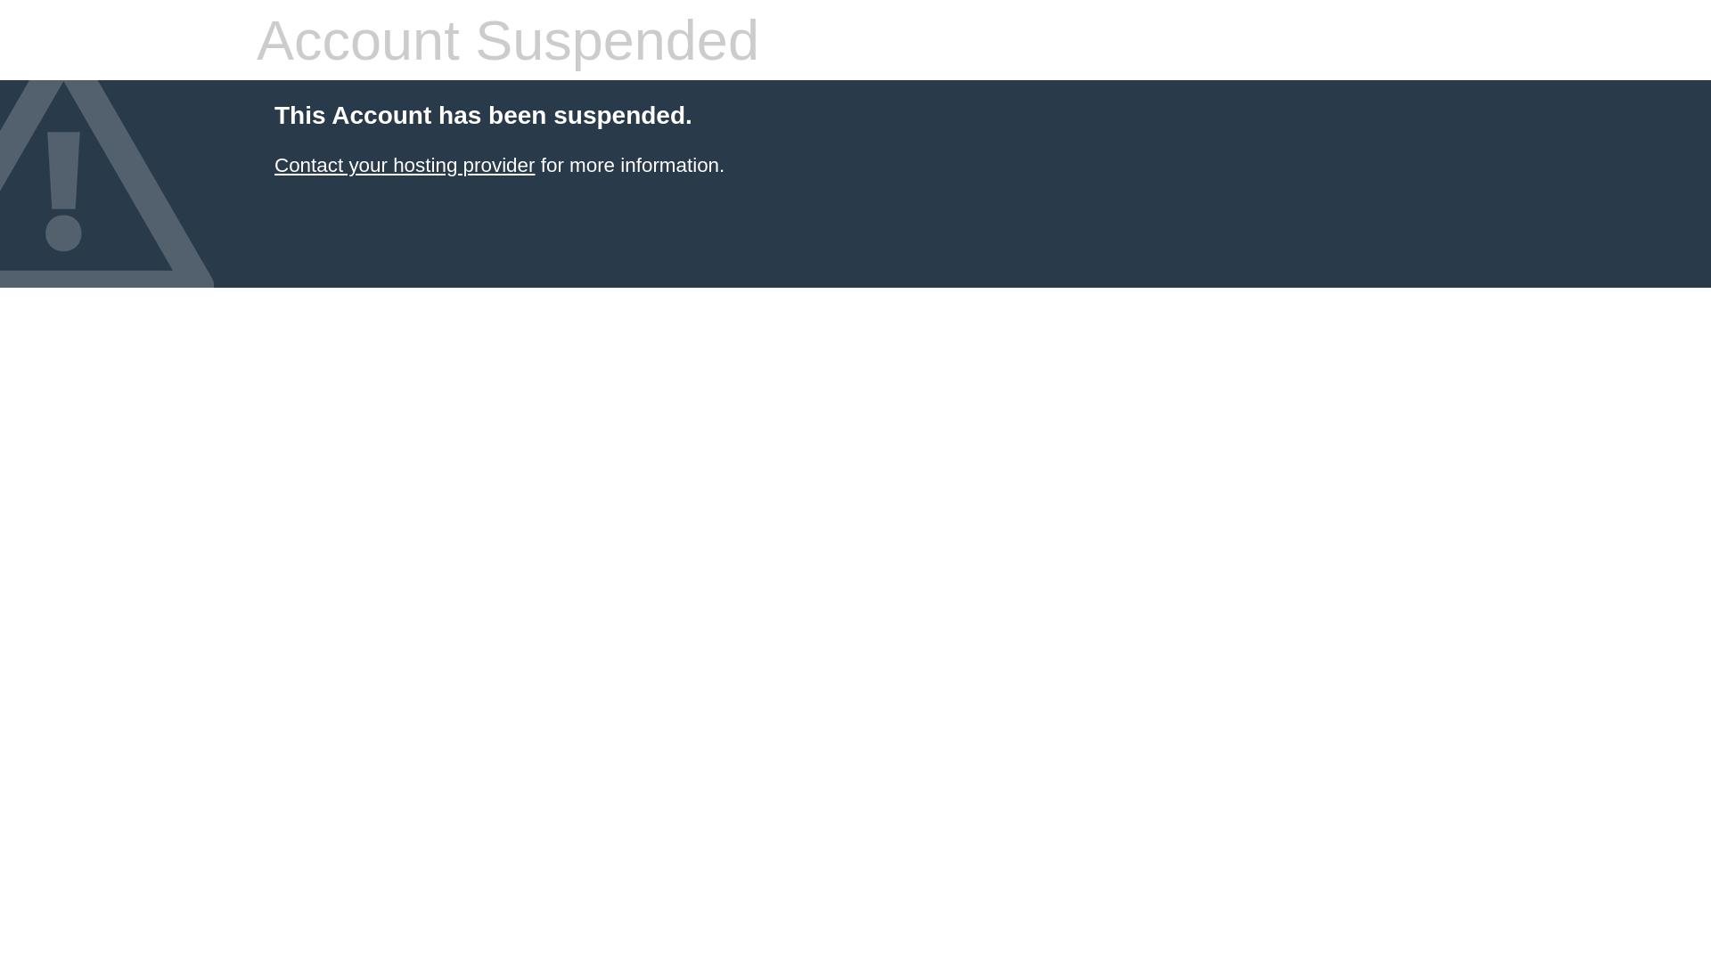 The image size is (1711, 962). Describe the element at coordinates (404, 165) in the screenshot. I see `'Contact your hosting provider'` at that location.